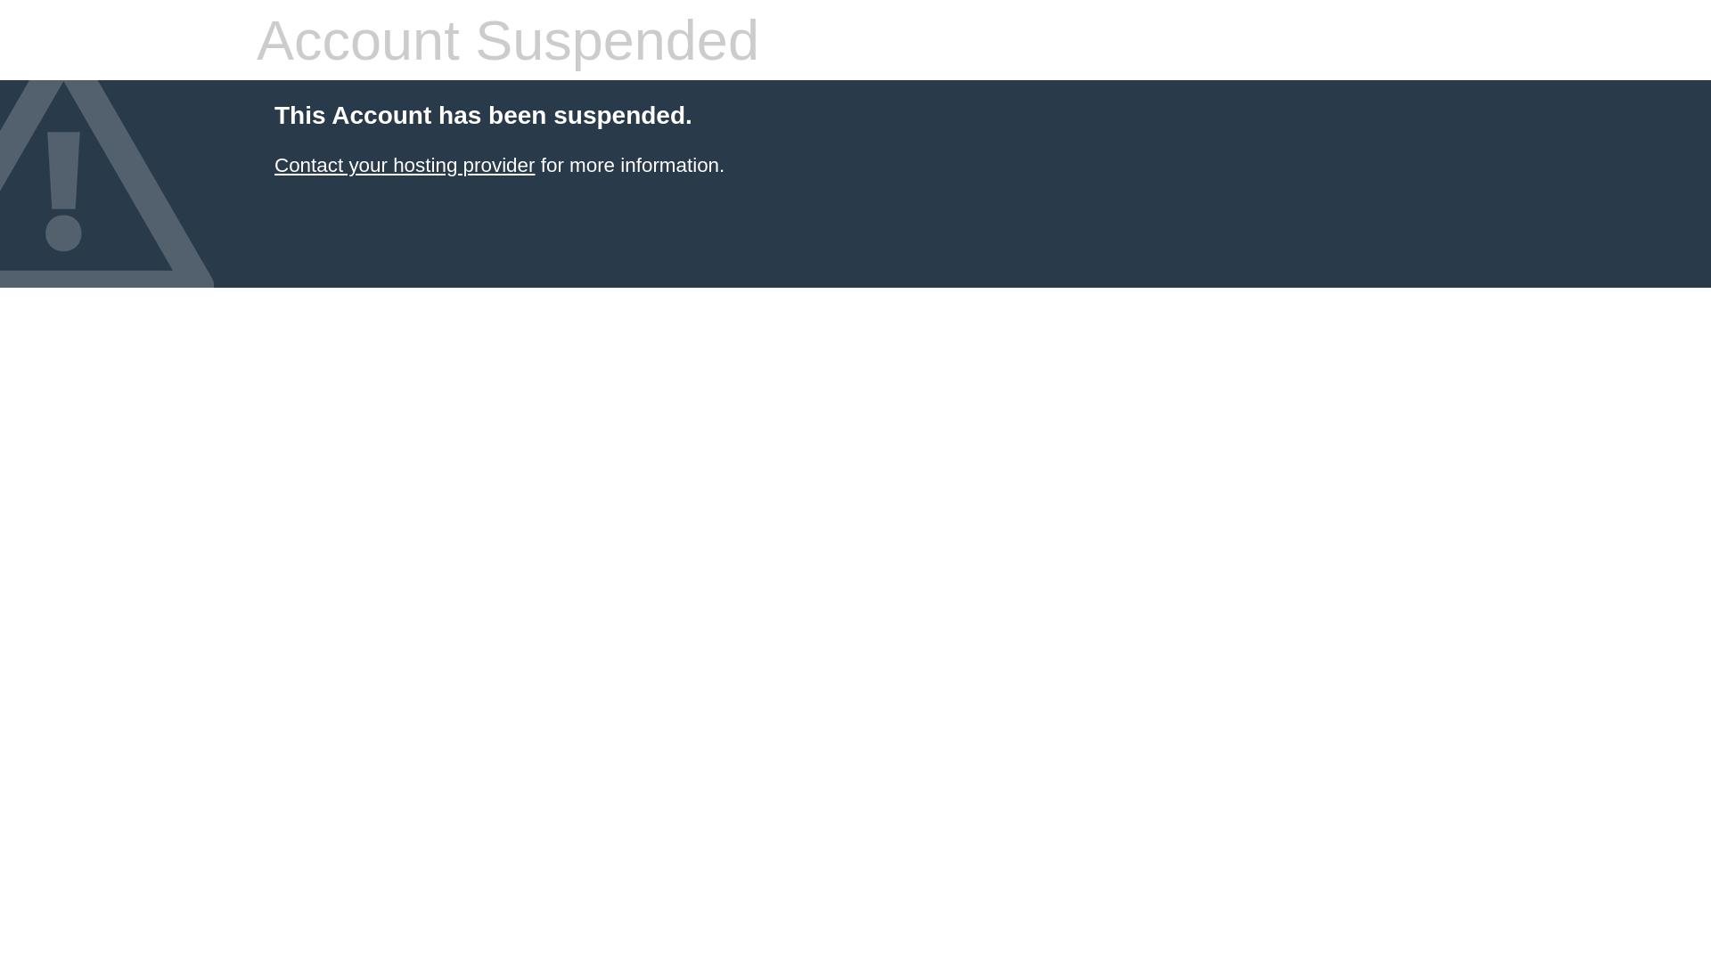 The image size is (1711, 962). Describe the element at coordinates (404, 165) in the screenshot. I see `'Contact your hosting provider'` at that location.